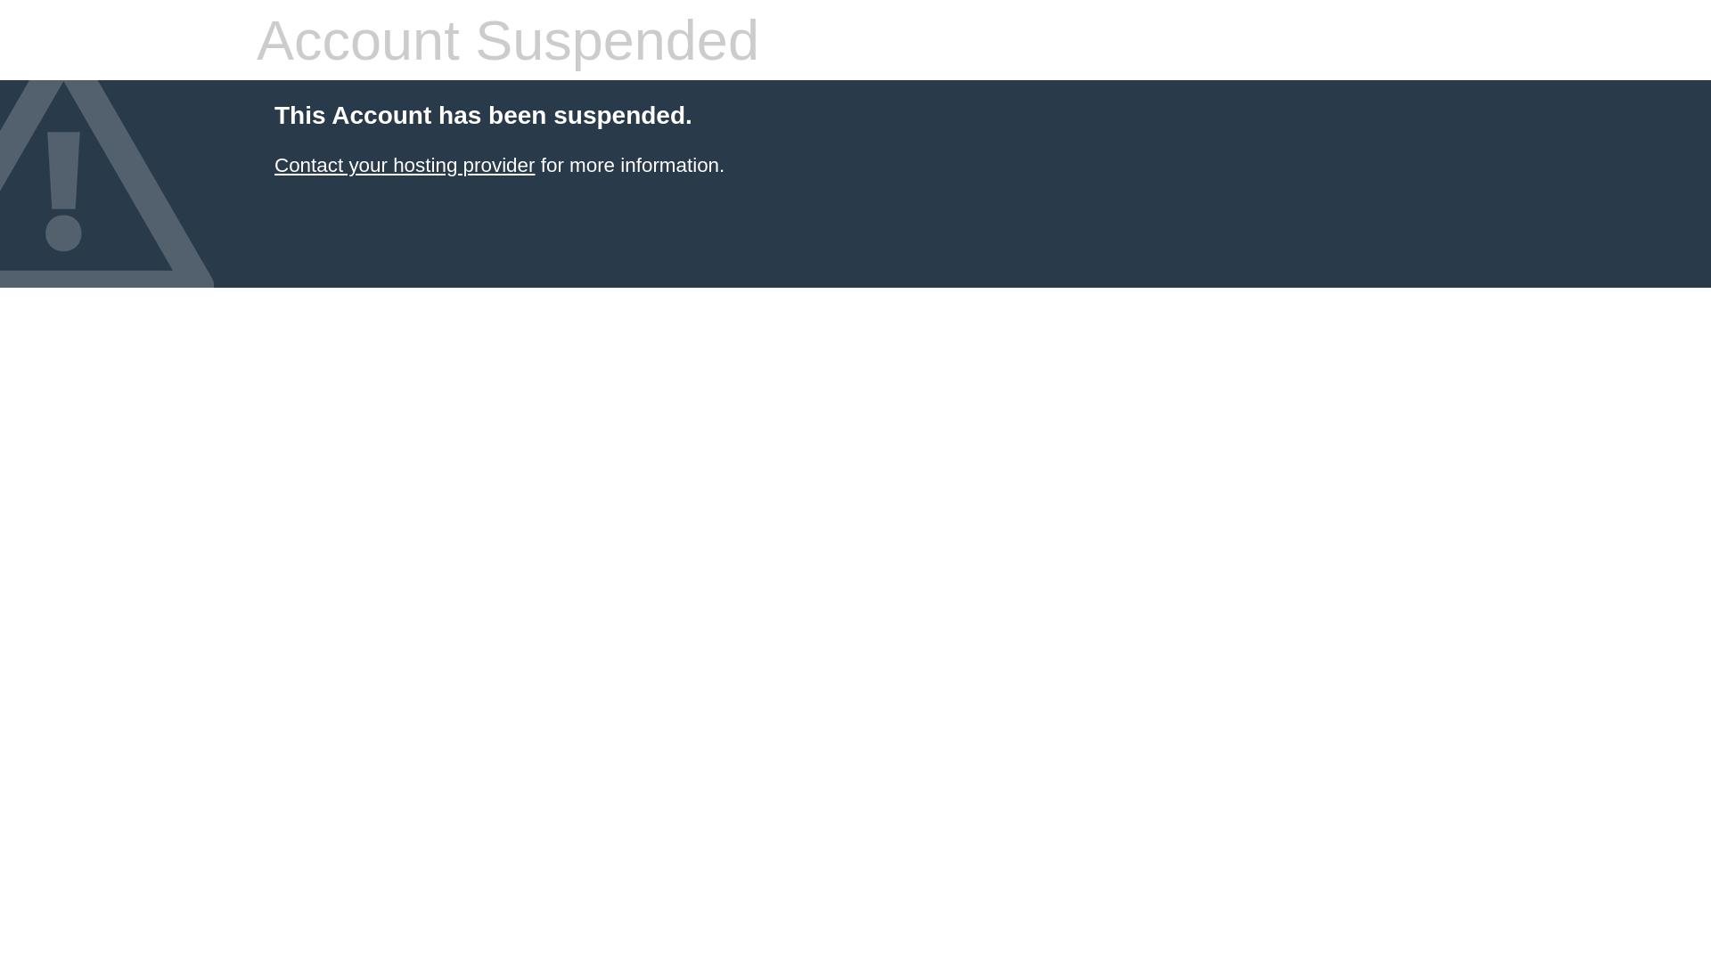 The image size is (1711, 962). Describe the element at coordinates (404, 165) in the screenshot. I see `'Contact your hosting provider'` at that location.